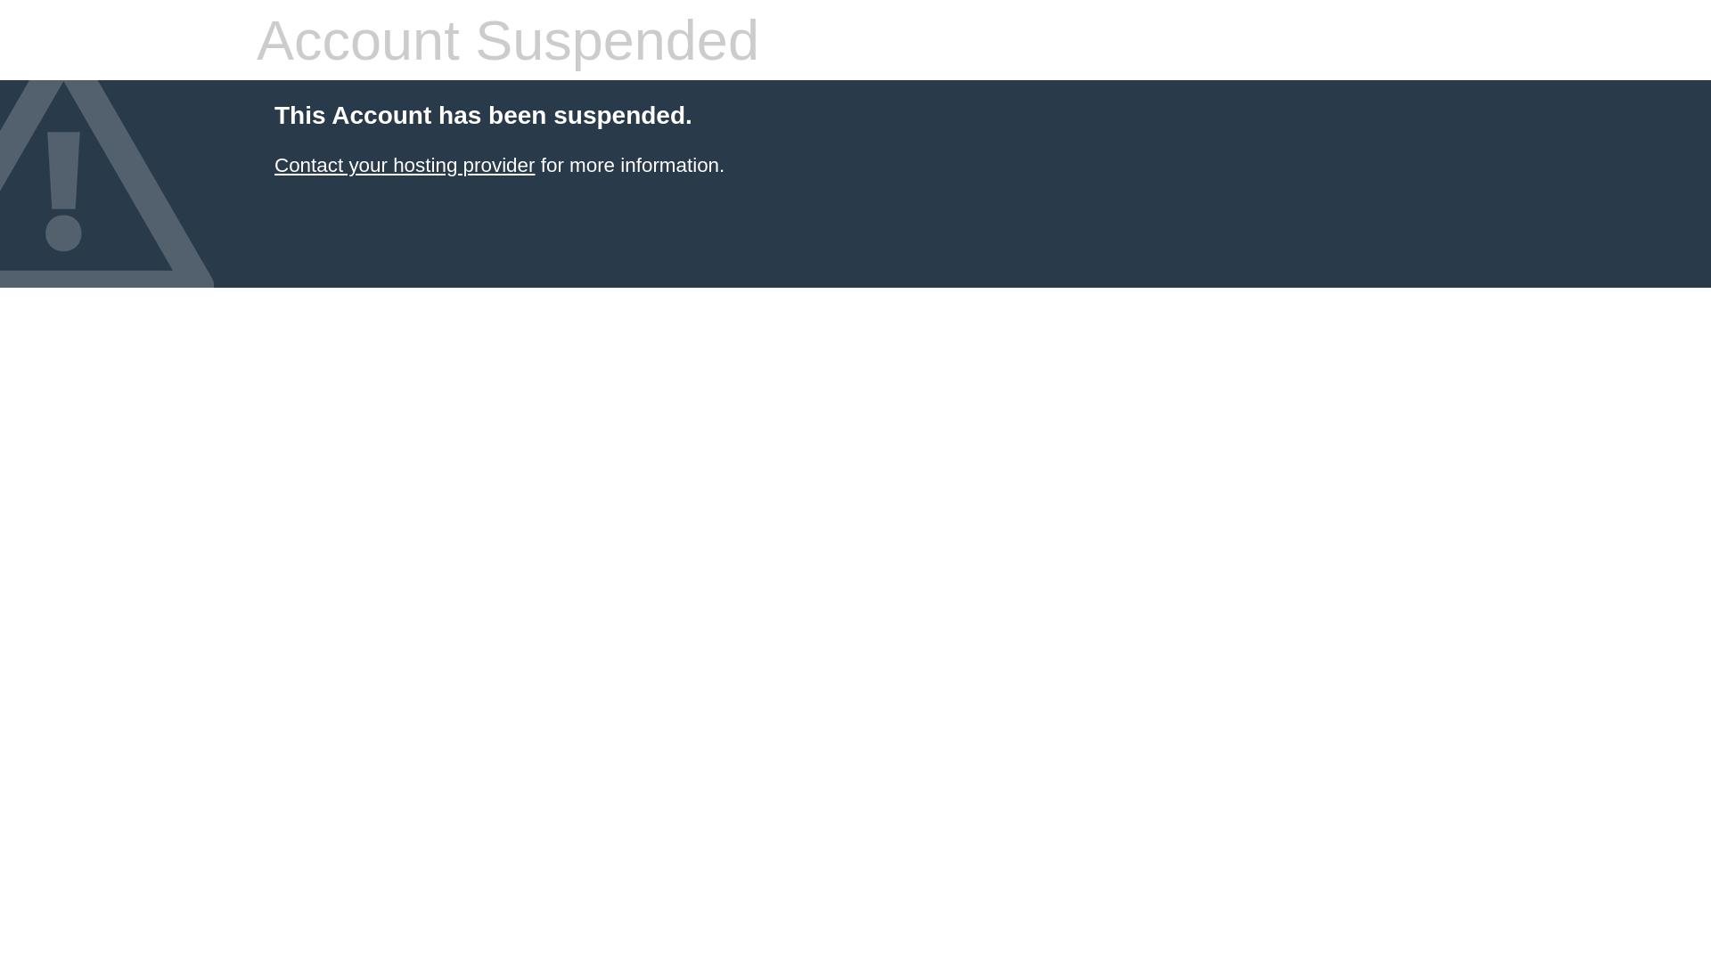 The image size is (1711, 962). Describe the element at coordinates (404, 165) in the screenshot. I see `'Contact your hosting provider'` at that location.